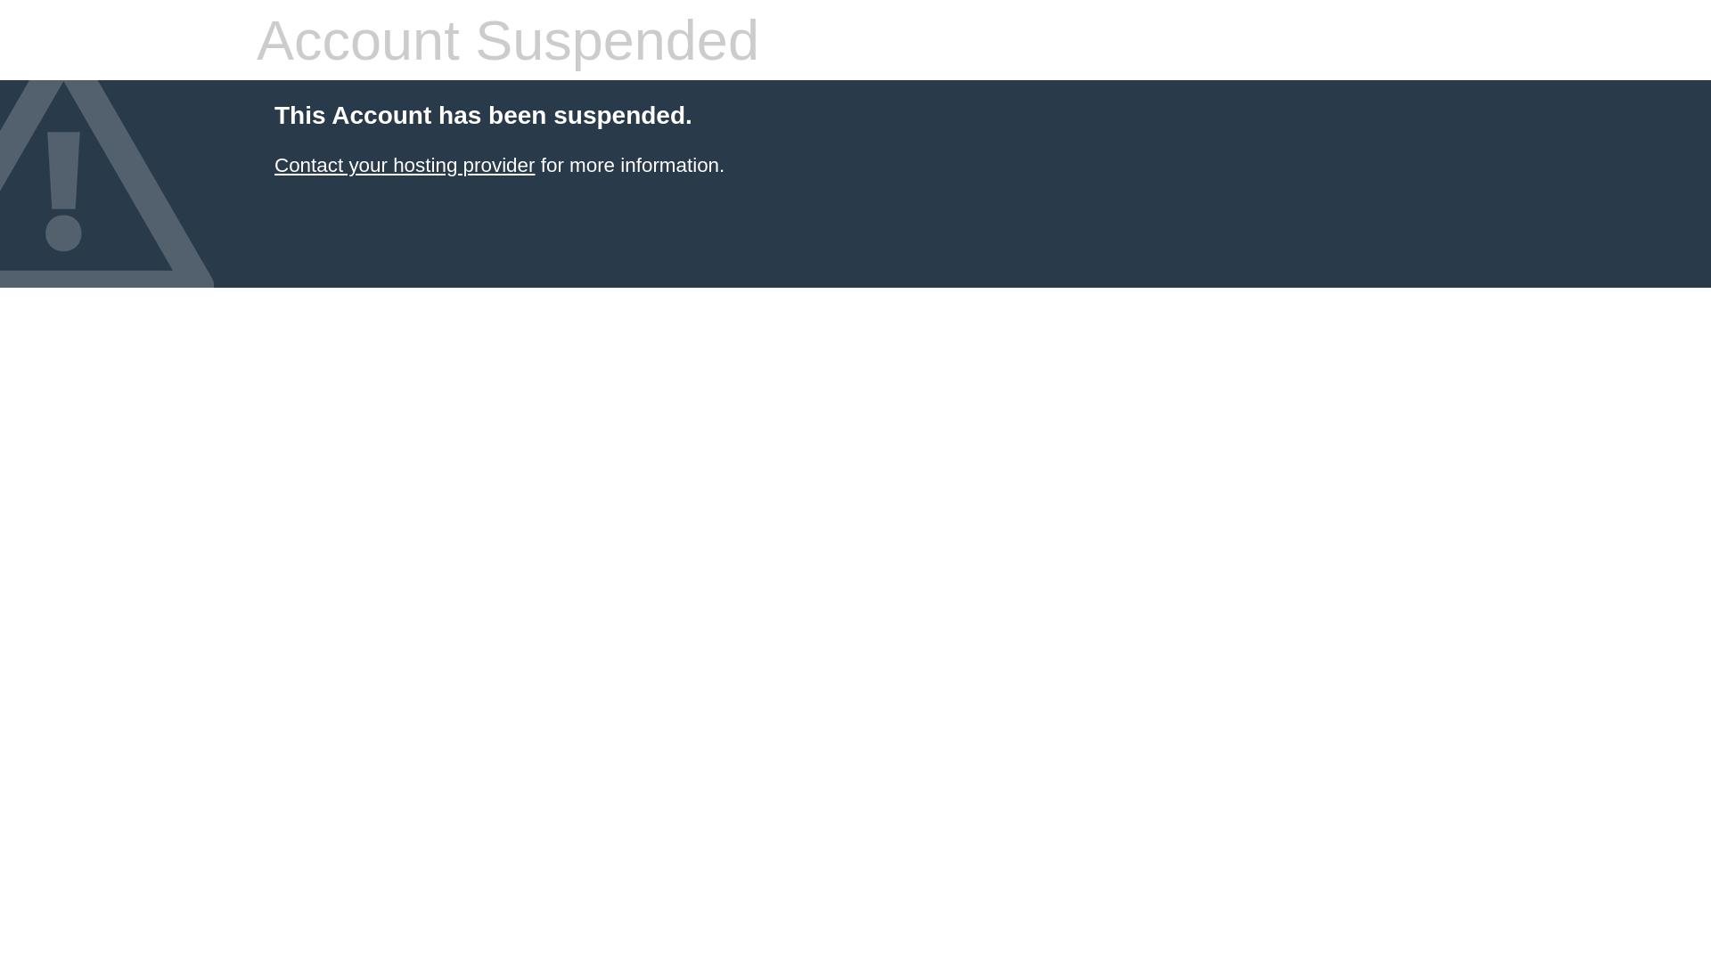 The image size is (1711, 962). Describe the element at coordinates (404, 165) in the screenshot. I see `'Contact your hosting provider'` at that location.